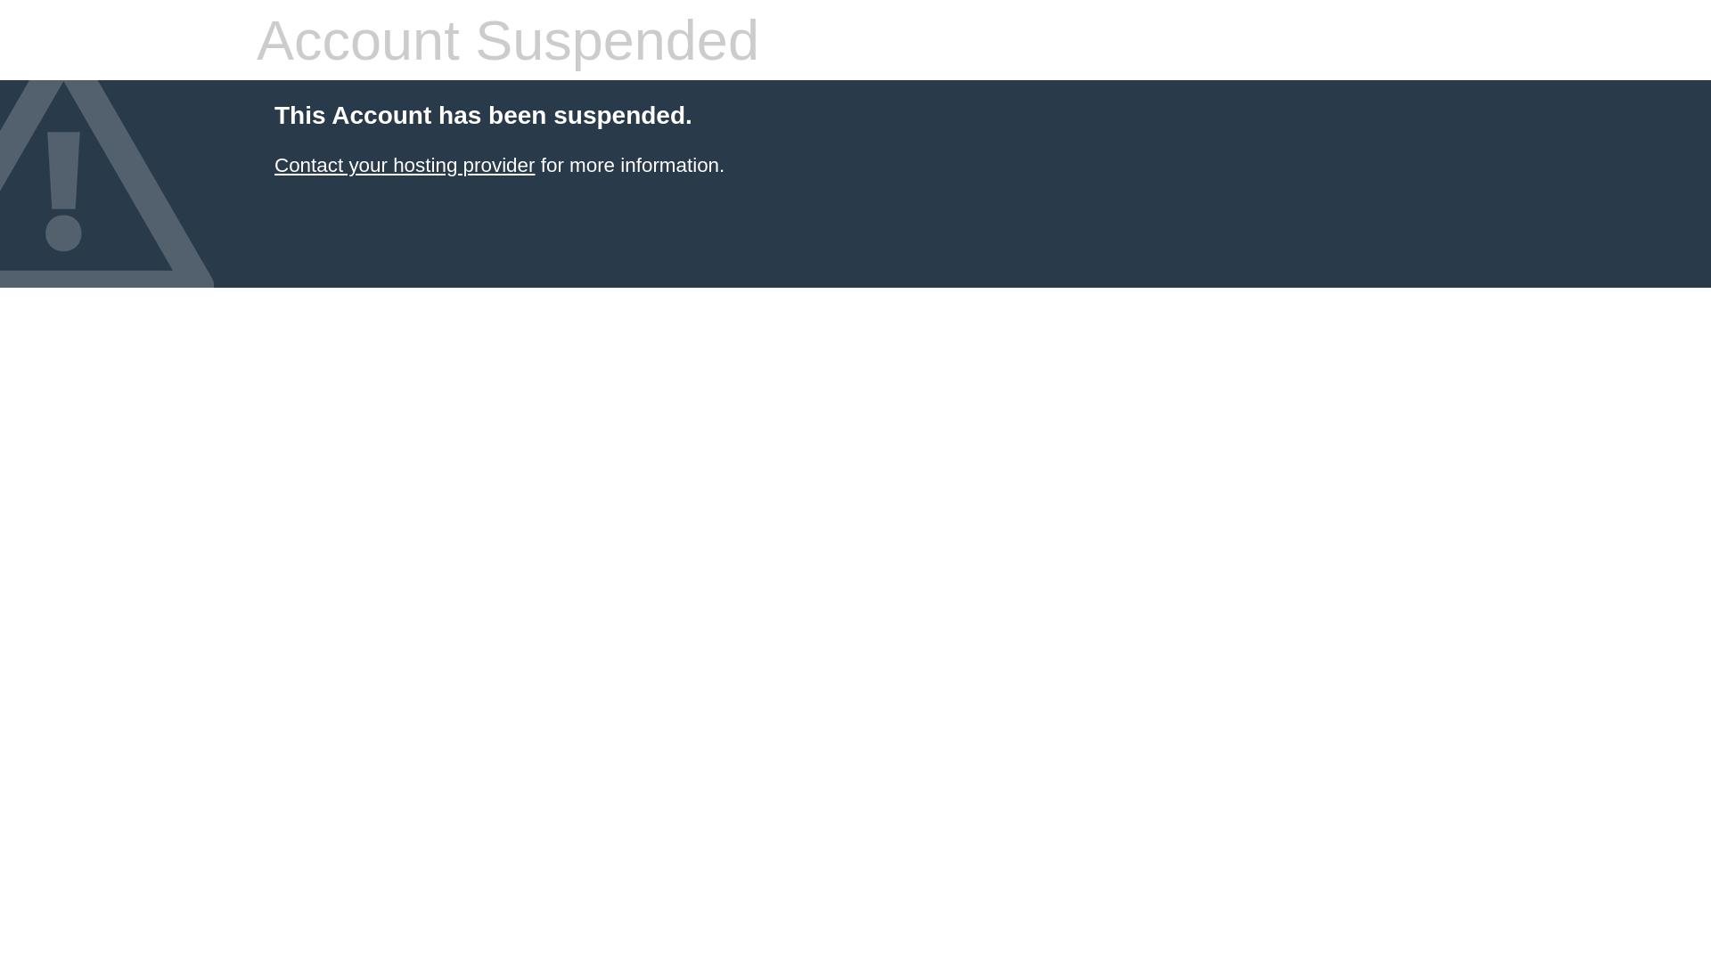 The image size is (1711, 962). Describe the element at coordinates (404, 165) in the screenshot. I see `'Contact your hosting provider'` at that location.